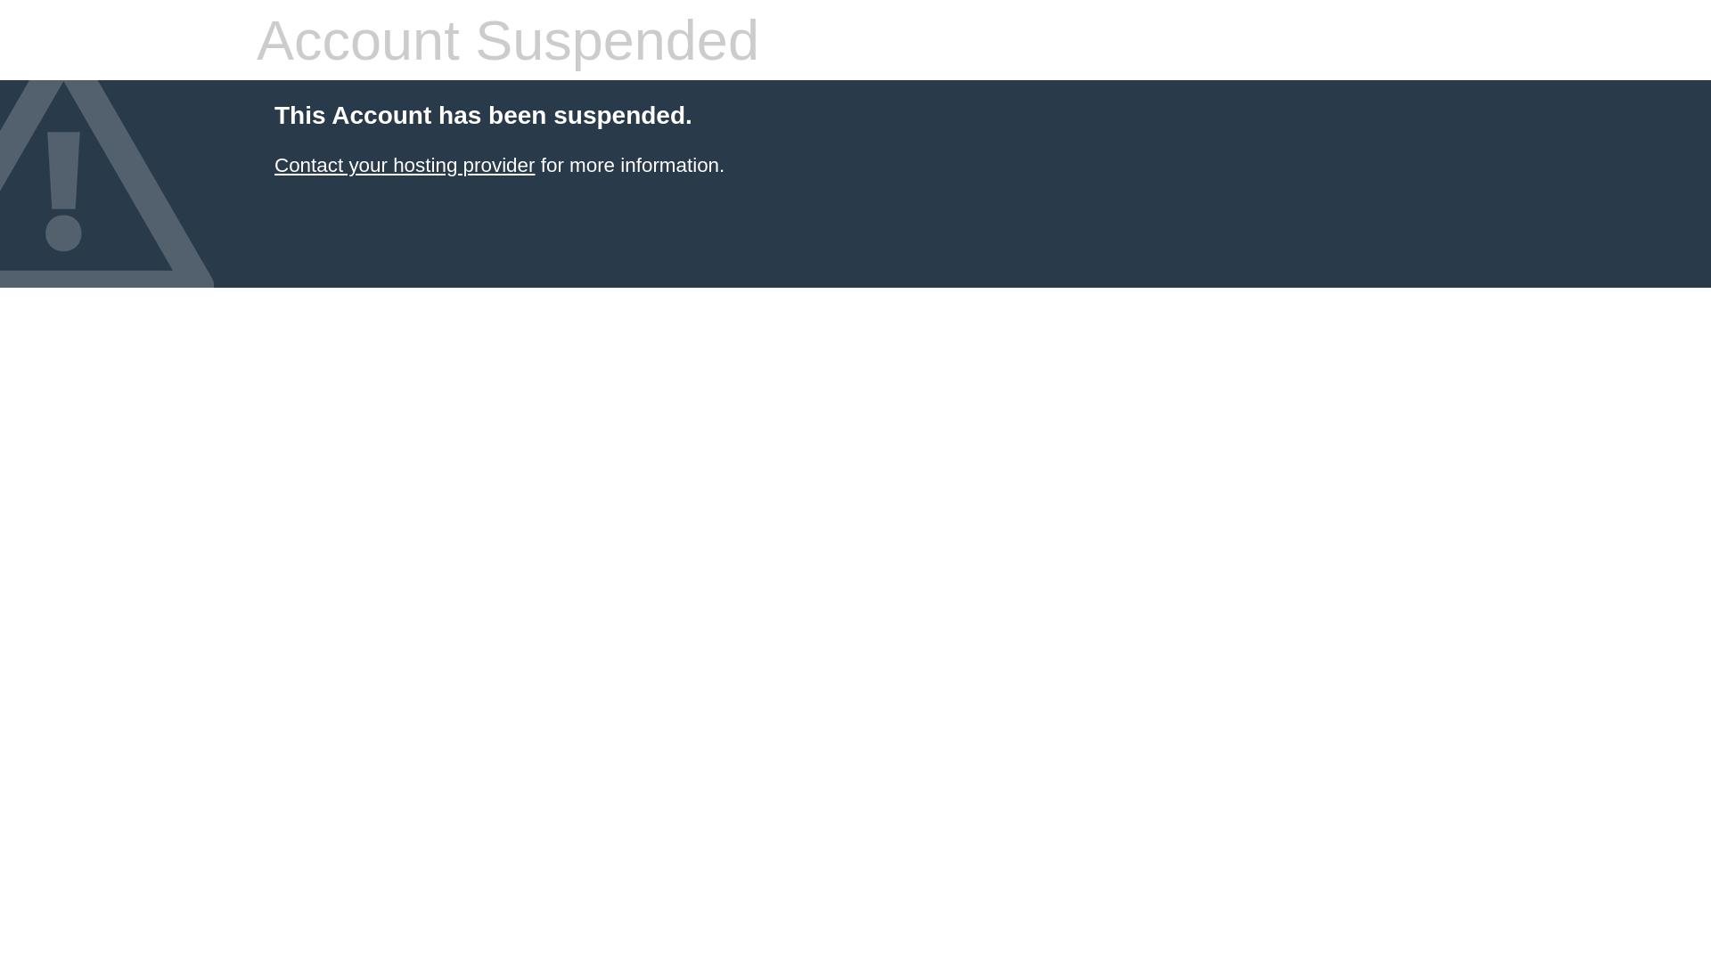 The image size is (1711, 962). Describe the element at coordinates (404, 165) in the screenshot. I see `'Contact your hosting provider'` at that location.